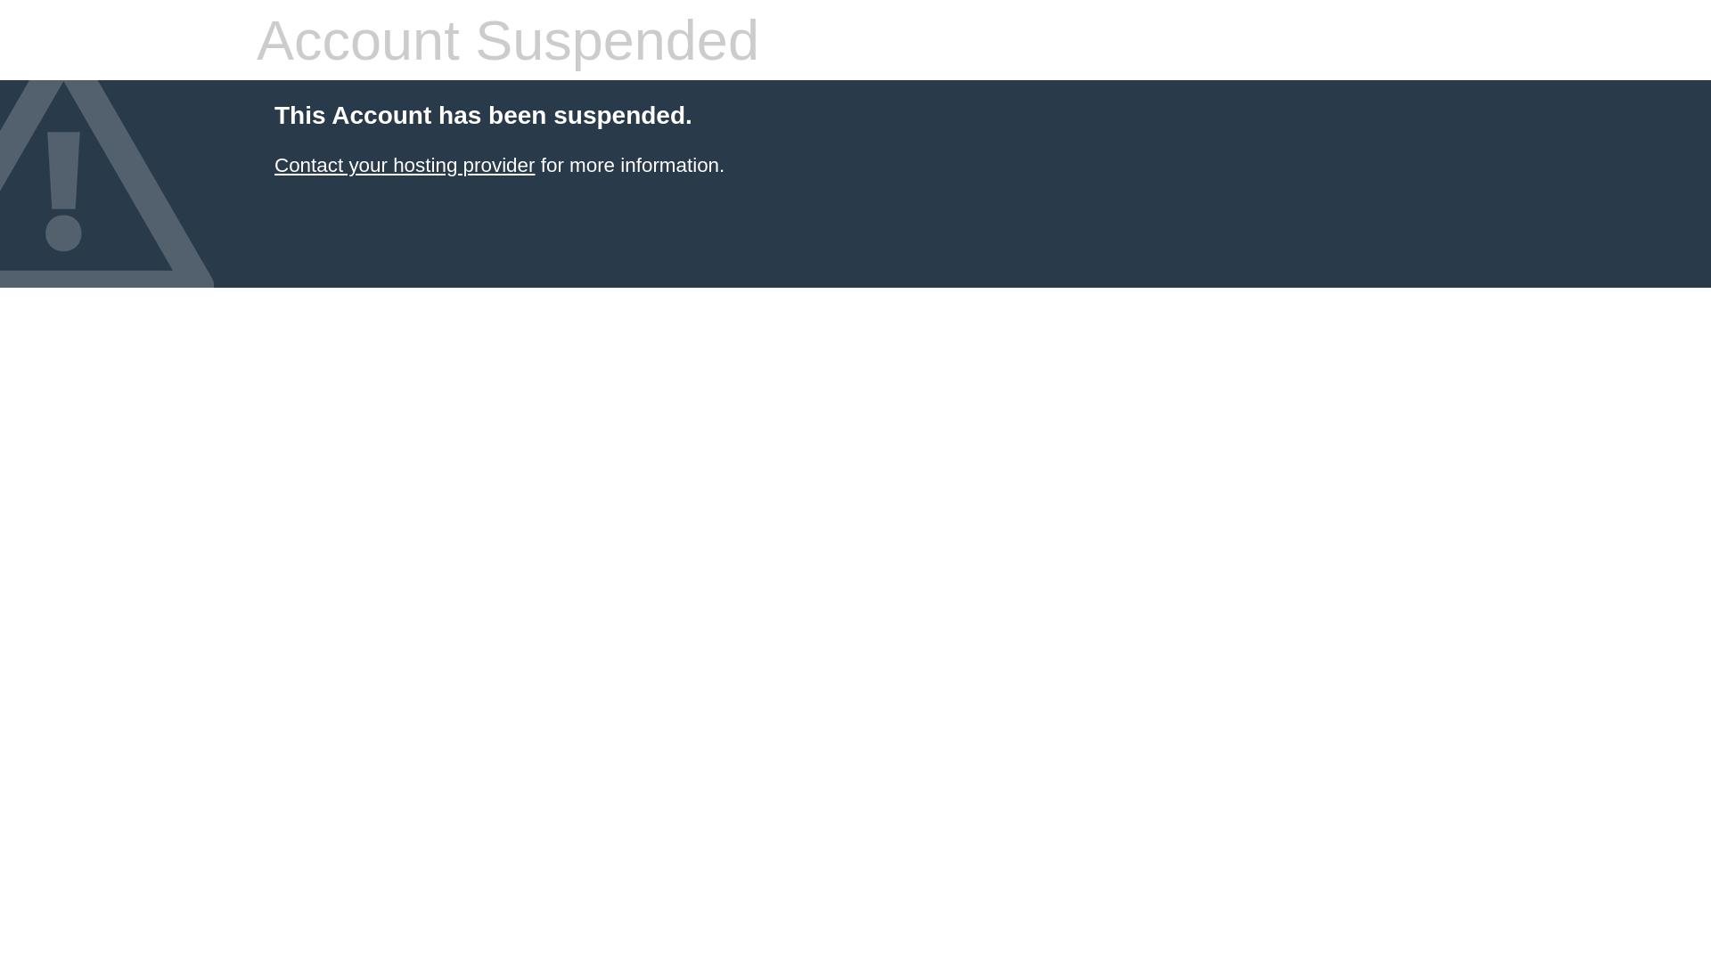 The image size is (1711, 962). Describe the element at coordinates (404, 165) in the screenshot. I see `'Contact your hosting provider'` at that location.